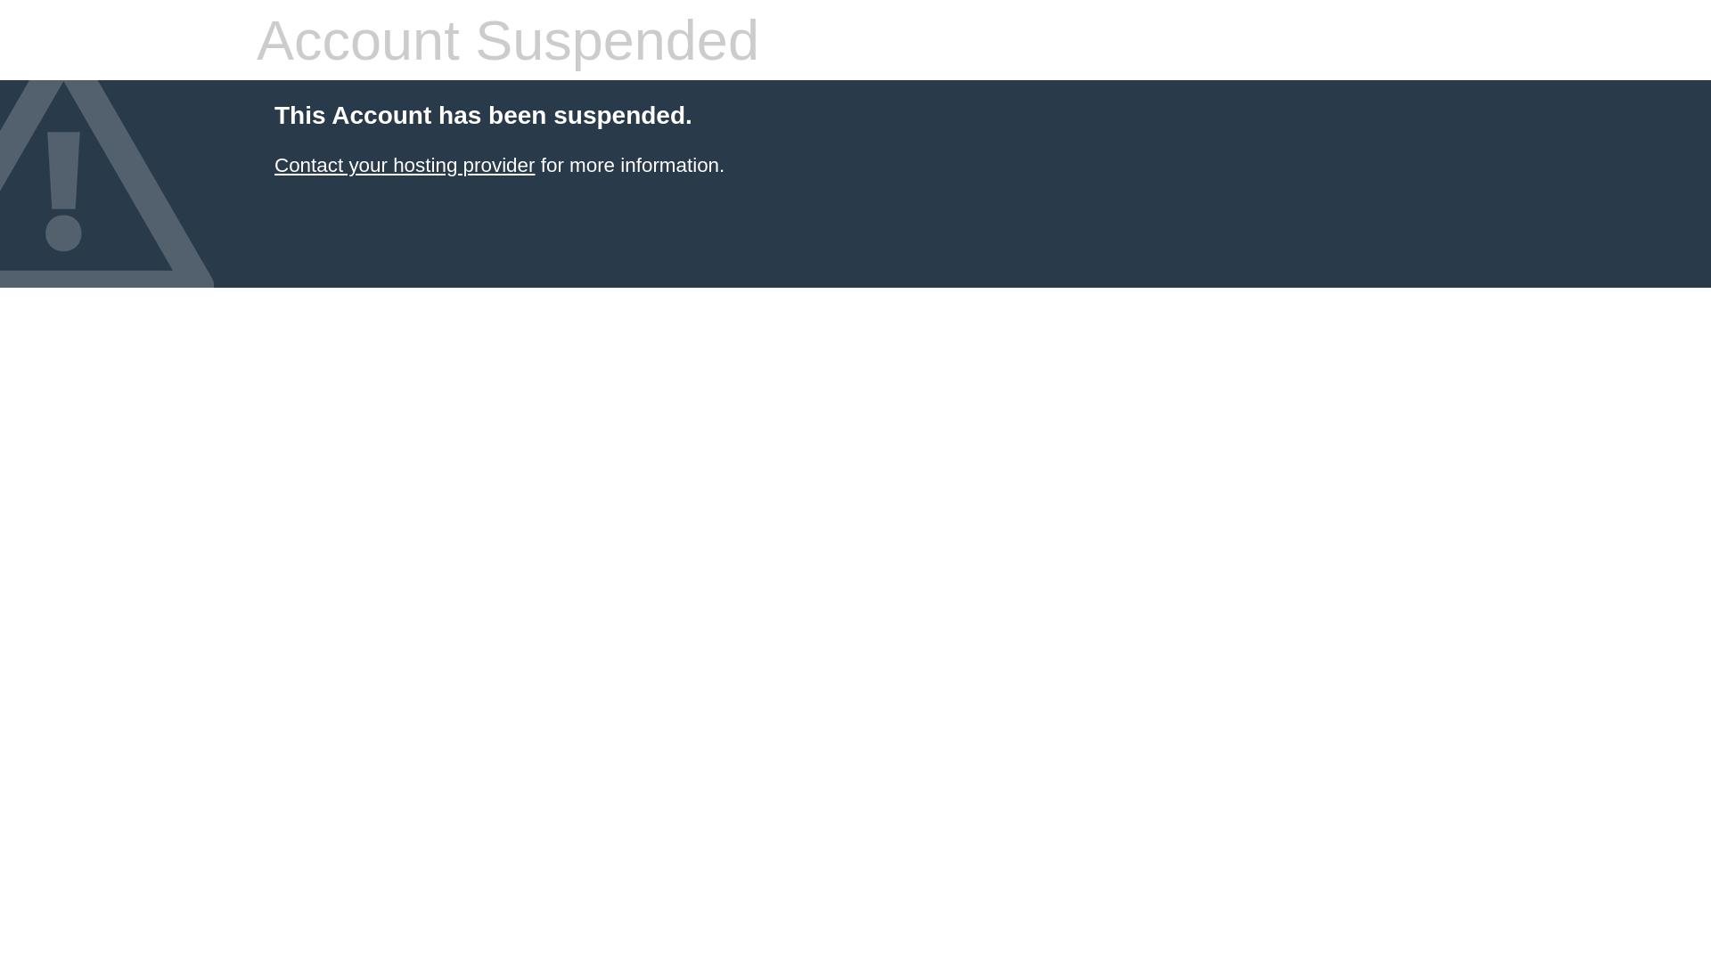 The image size is (1711, 962). Describe the element at coordinates (404, 165) in the screenshot. I see `'Contact your hosting provider'` at that location.